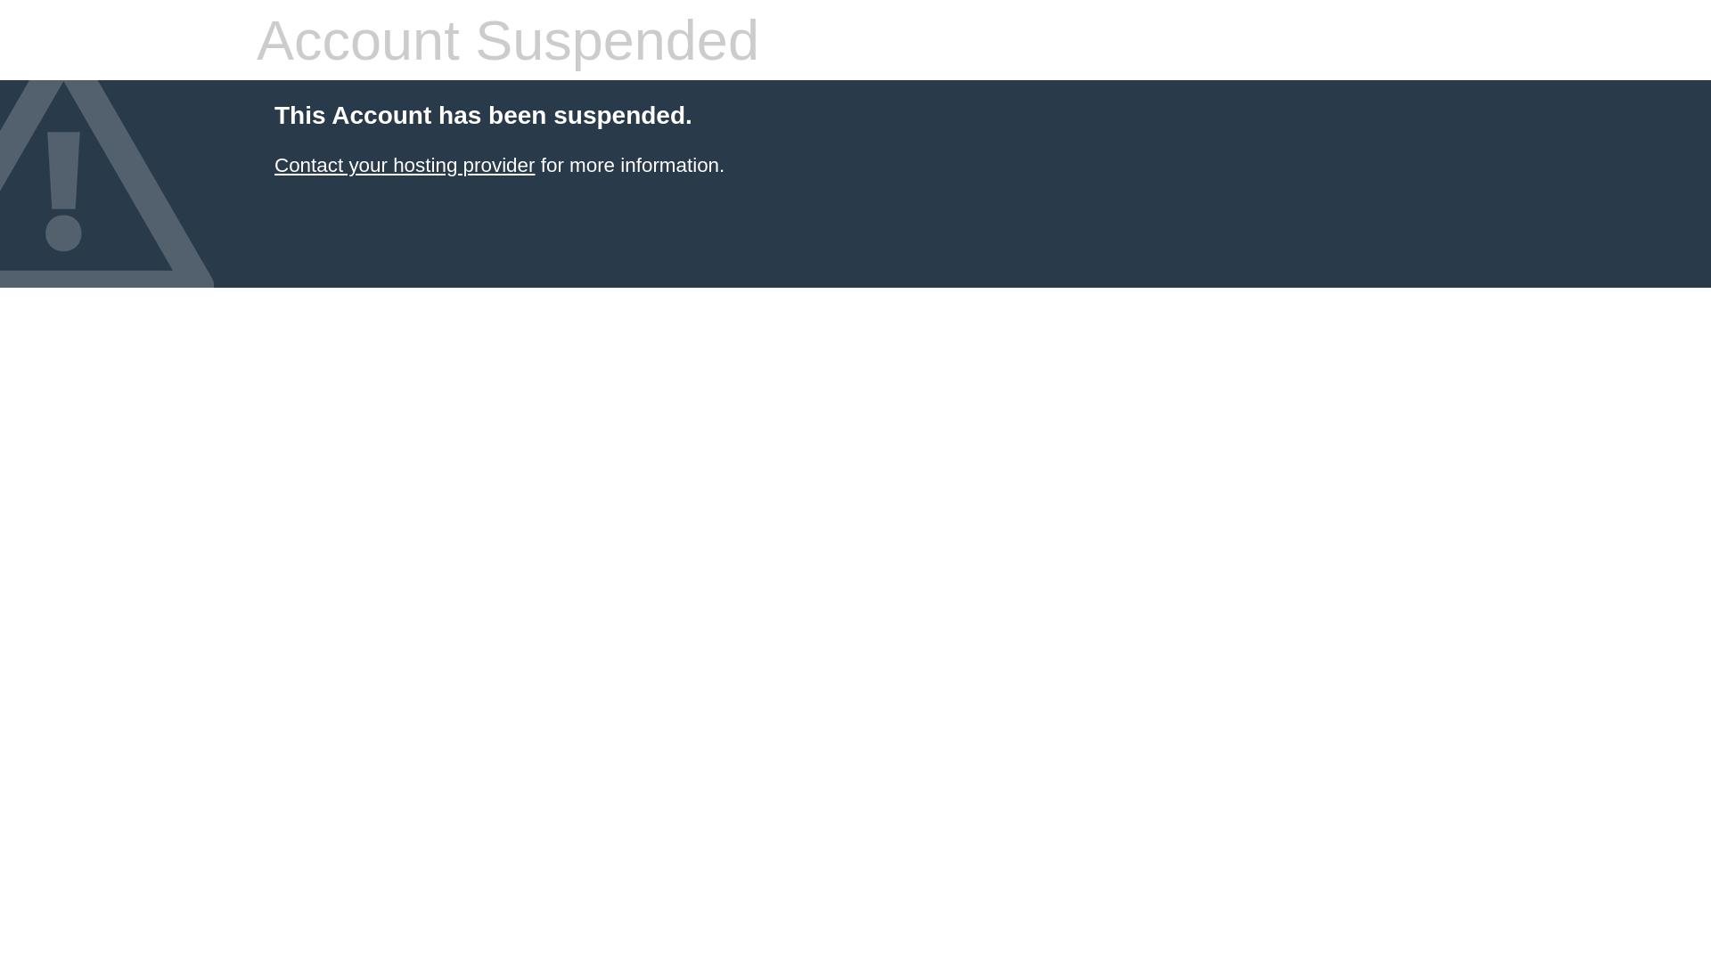 The image size is (1711, 962). Describe the element at coordinates (404, 165) in the screenshot. I see `'Contact your hosting provider'` at that location.